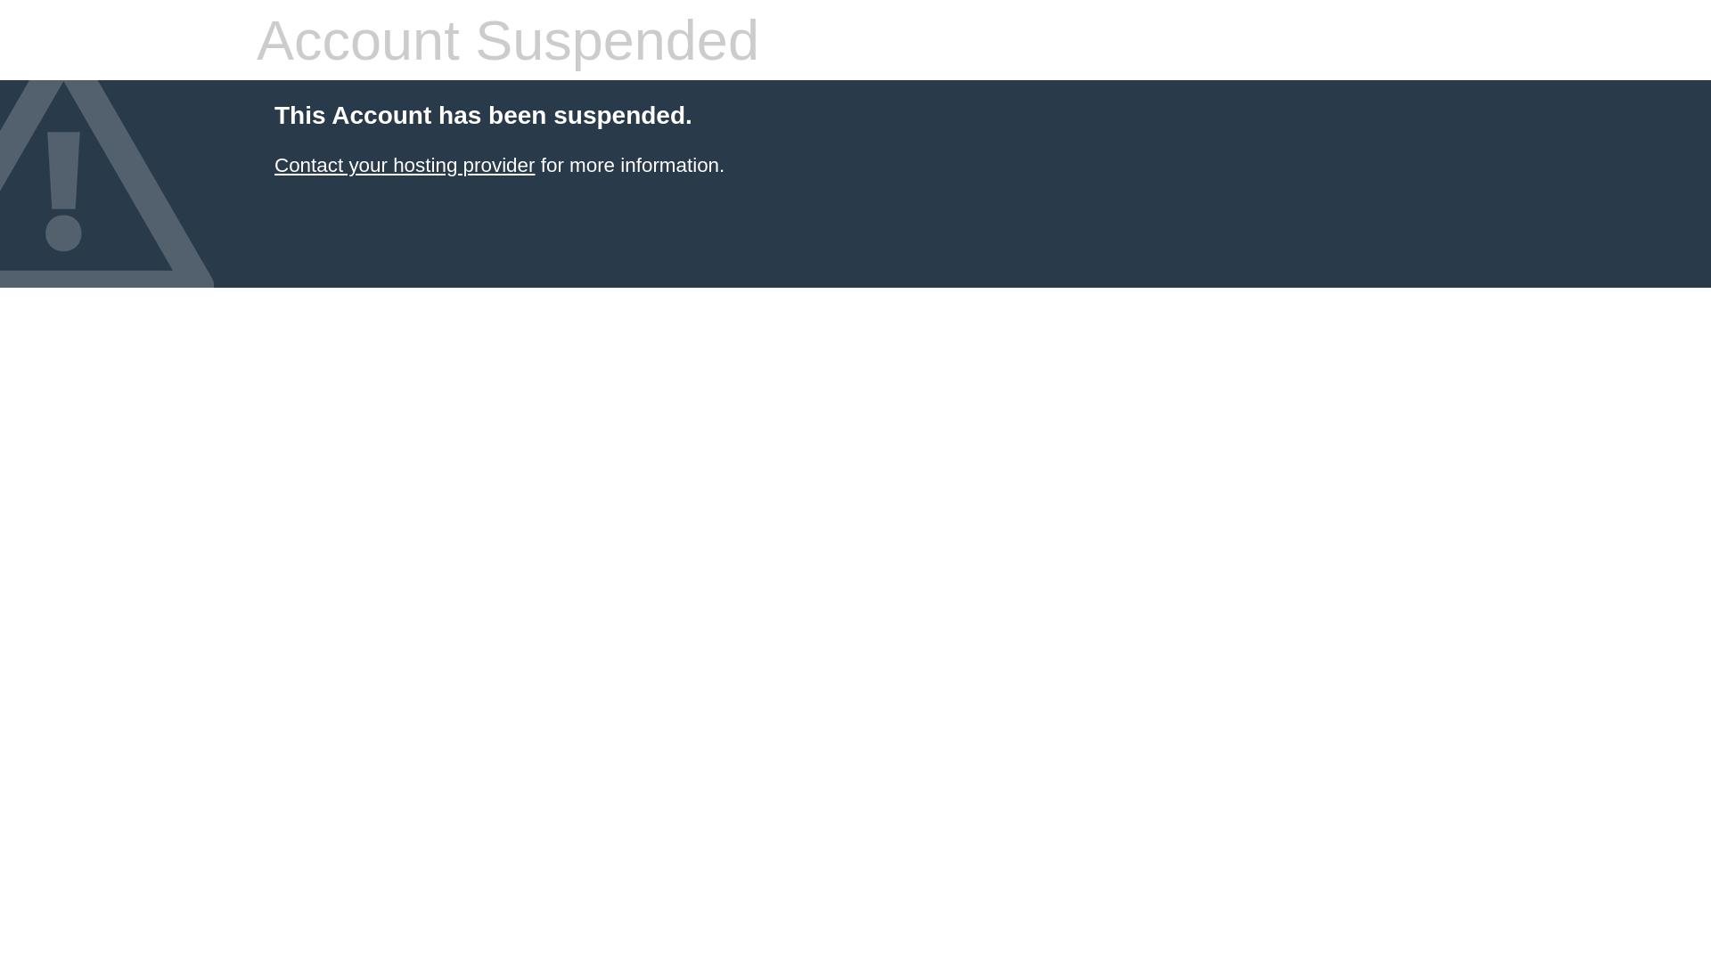 The image size is (1711, 962). Describe the element at coordinates (404, 165) in the screenshot. I see `'Contact your hosting provider'` at that location.